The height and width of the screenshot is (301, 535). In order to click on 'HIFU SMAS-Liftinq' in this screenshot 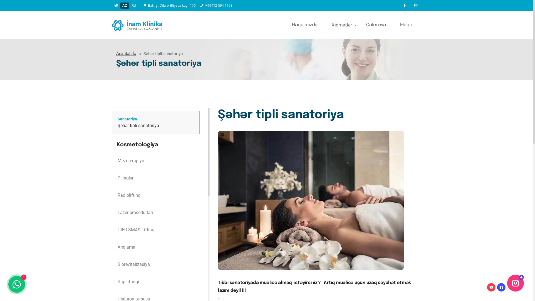, I will do `click(155, 230)`.